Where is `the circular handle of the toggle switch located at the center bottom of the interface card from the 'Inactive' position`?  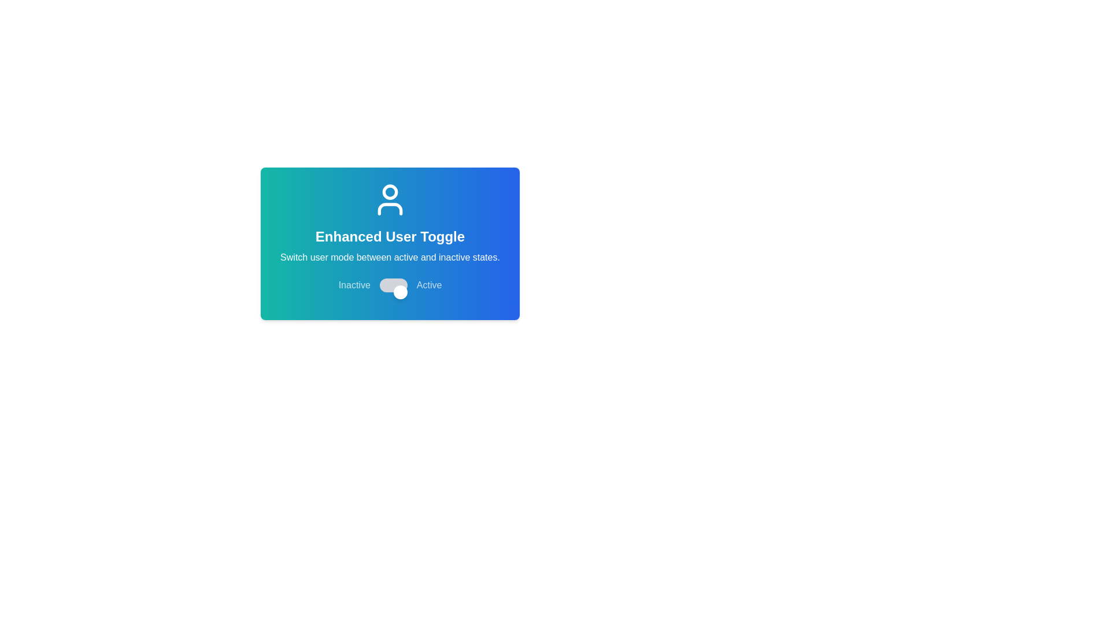
the circular handle of the toggle switch located at the center bottom of the interface card from the 'Inactive' position is located at coordinates (400, 291).